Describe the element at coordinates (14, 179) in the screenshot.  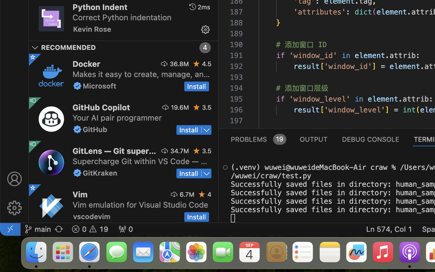
I see `''` at that location.